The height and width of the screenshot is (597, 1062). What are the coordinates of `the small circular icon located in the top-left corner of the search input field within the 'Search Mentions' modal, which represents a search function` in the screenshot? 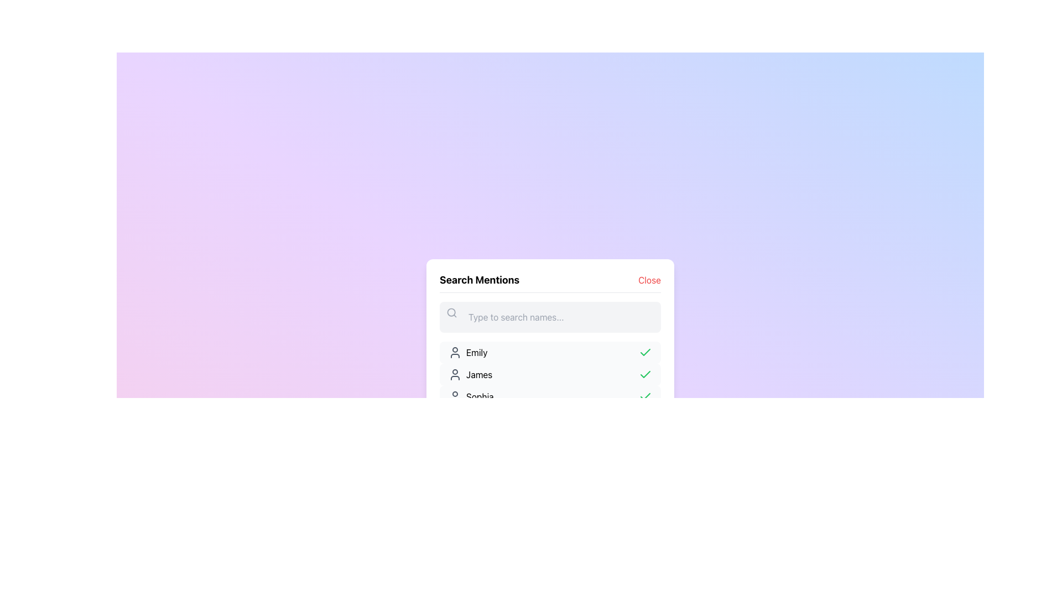 It's located at (451, 312).